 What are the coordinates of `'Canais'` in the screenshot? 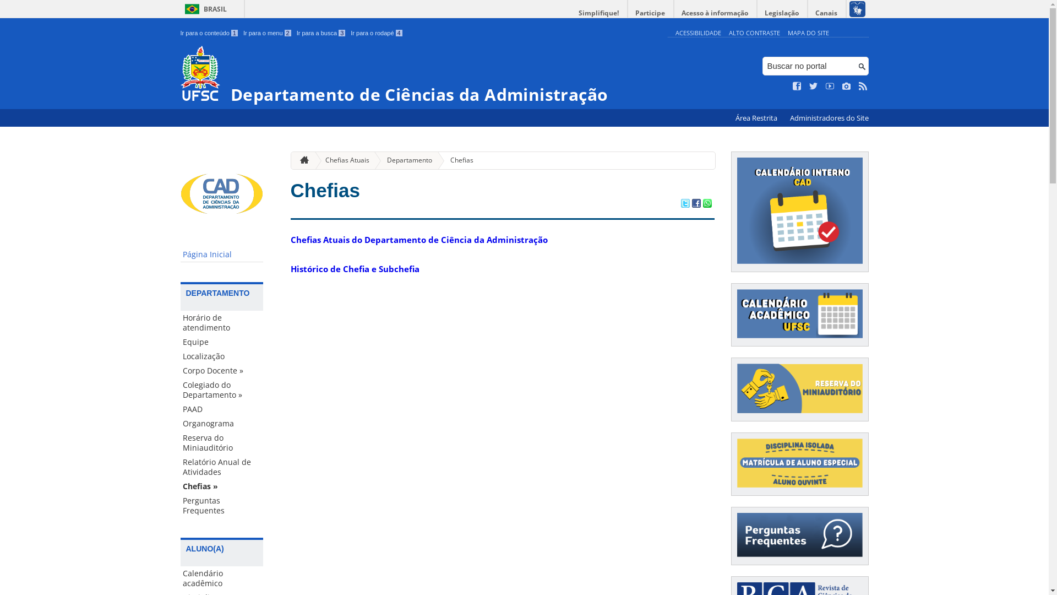 It's located at (808, 13).